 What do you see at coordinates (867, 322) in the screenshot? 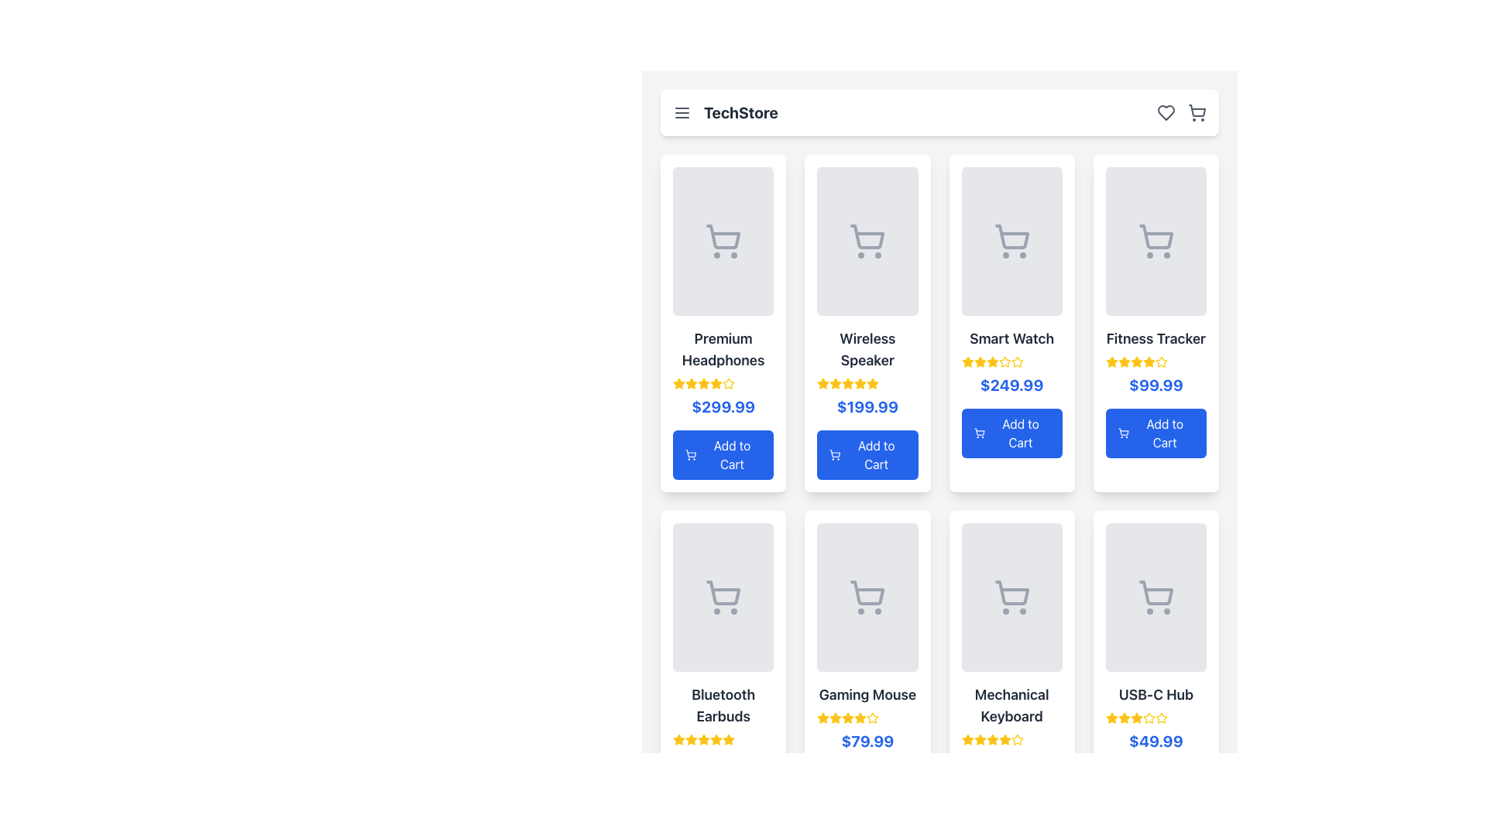
I see `product details of the 'Wireless Speaker' card, which includes a gray image placeholder, a bold product name, a star rating with yellow stars, a price in bright blue text, and an 'Add to Cart' button` at bounding box center [867, 322].